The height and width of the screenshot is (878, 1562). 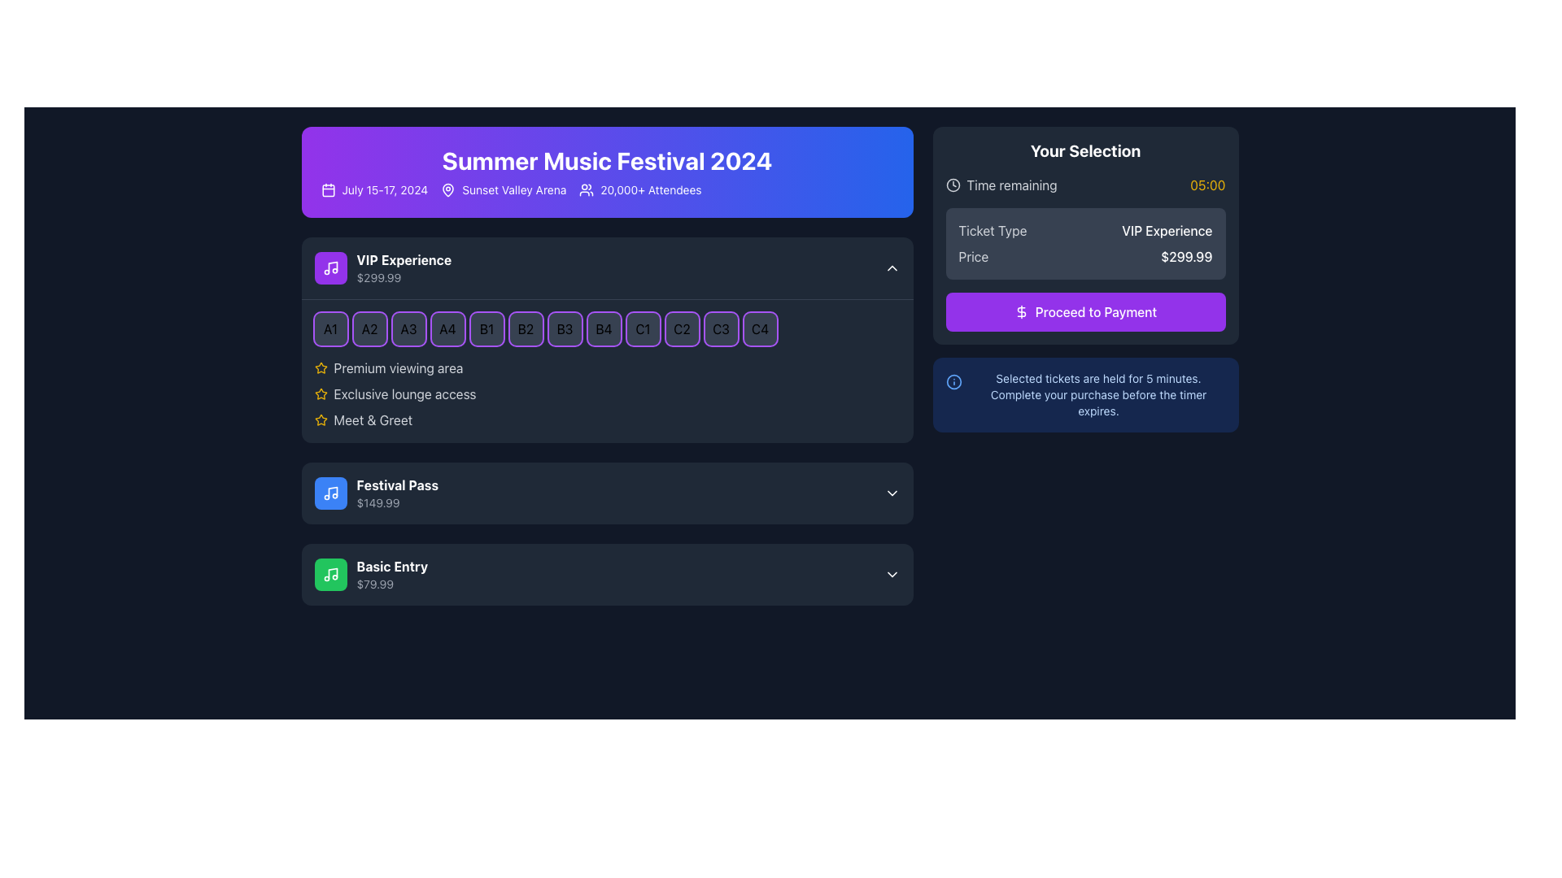 I want to click on the Notification box located in the right panel, below the 'Proceed to Payment' button, which notifies the user about time restrictions on their selected tickets, so click(x=1085, y=395).